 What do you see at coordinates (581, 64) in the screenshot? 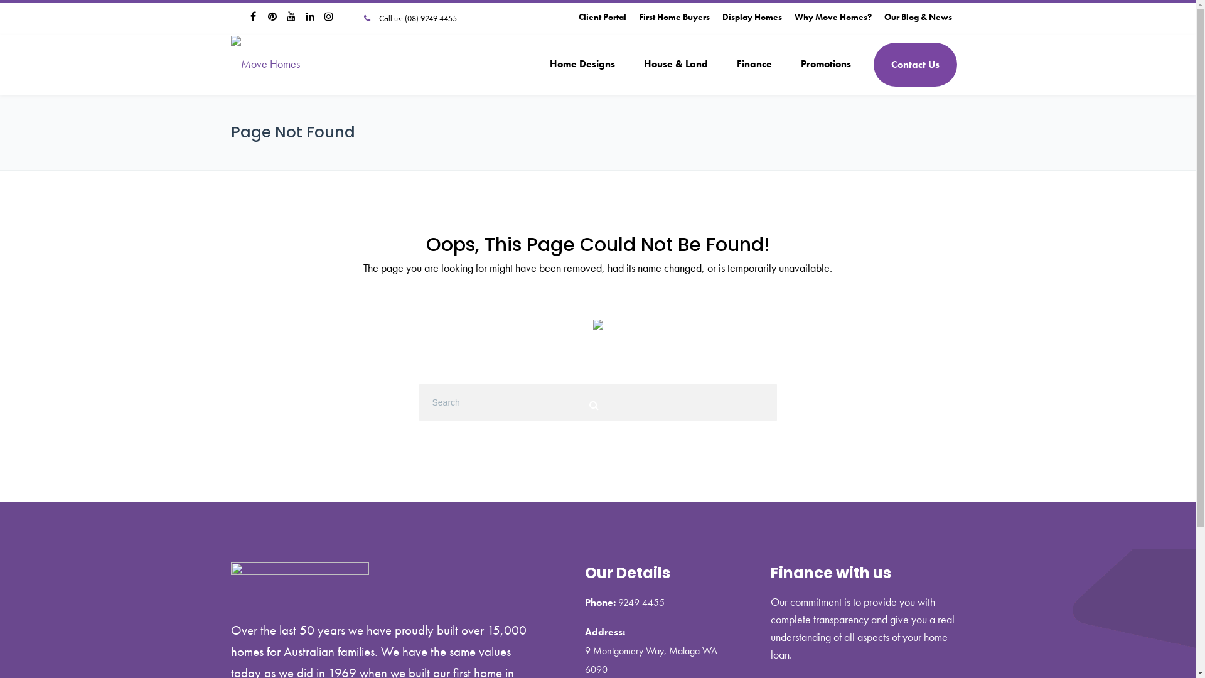
I see `'Home Designs'` at bounding box center [581, 64].